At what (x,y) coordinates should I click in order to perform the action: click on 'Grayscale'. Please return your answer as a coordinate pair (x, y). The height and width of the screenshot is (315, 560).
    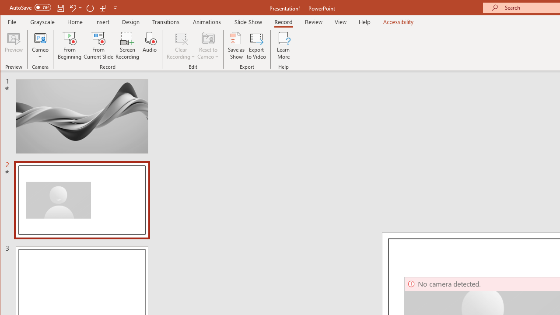
    Looking at the image, I should click on (42, 21).